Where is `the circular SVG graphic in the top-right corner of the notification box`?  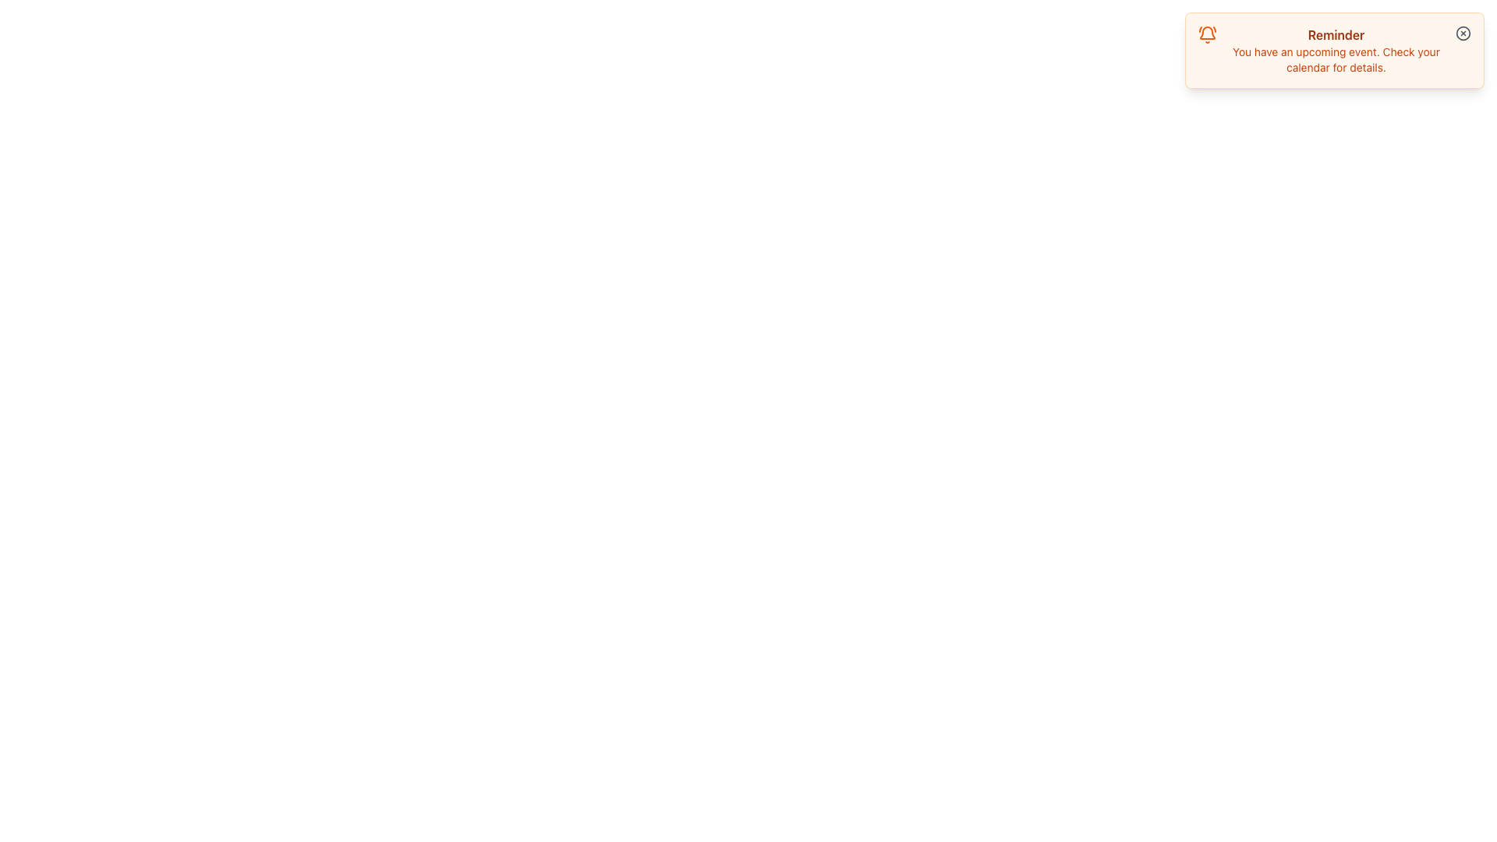 the circular SVG graphic in the top-right corner of the notification box is located at coordinates (1462, 33).